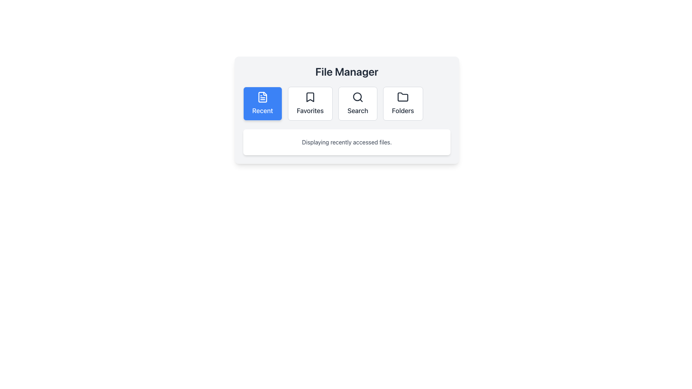 The height and width of the screenshot is (389, 692). What do you see at coordinates (310, 97) in the screenshot?
I see `the bookmark icon representing the 'Favorites' feature, located at the top-center of the 'Favorites' button, which is the second button in the horizontal set below the 'File Manager' title` at bounding box center [310, 97].